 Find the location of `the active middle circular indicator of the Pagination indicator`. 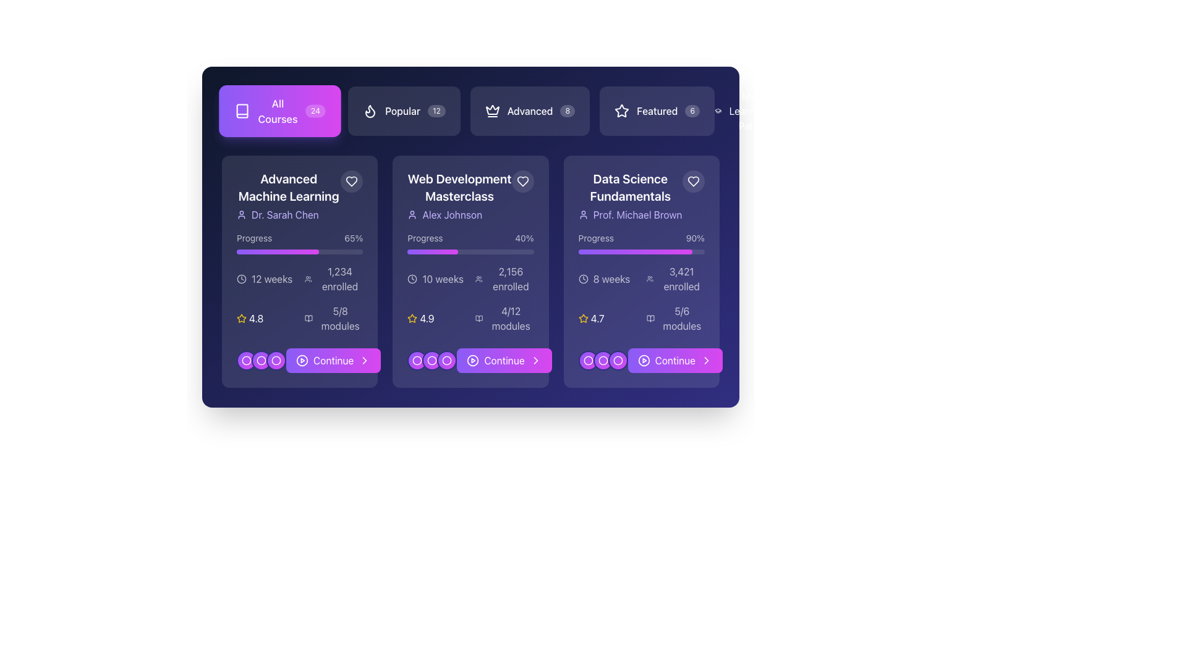

the active middle circular indicator of the Pagination indicator is located at coordinates (603, 360).